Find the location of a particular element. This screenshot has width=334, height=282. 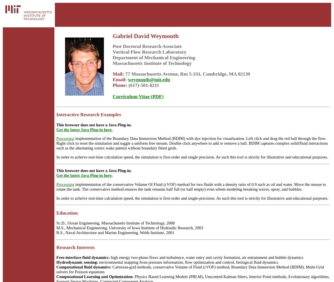

'Mail:' is located at coordinates (119, 74).